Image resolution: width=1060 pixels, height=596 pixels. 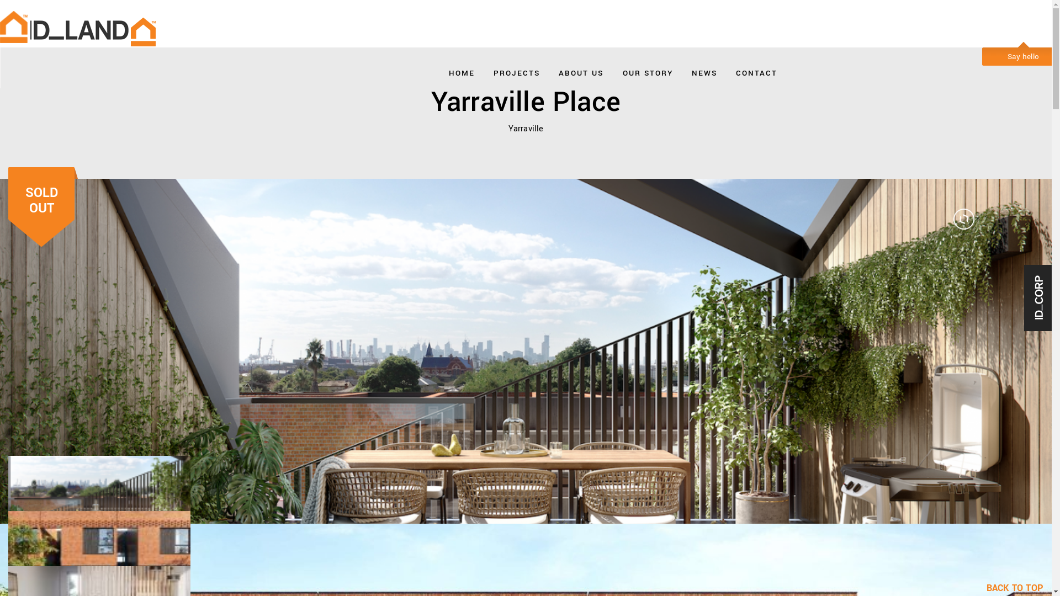 I want to click on 'BACK TO TOP', so click(x=986, y=587).